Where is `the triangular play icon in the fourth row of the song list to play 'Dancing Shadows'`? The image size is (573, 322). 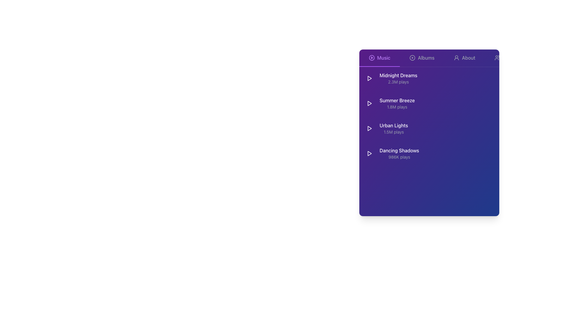
the triangular play icon in the fourth row of the song list to play 'Dancing Shadows' is located at coordinates (369, 153).